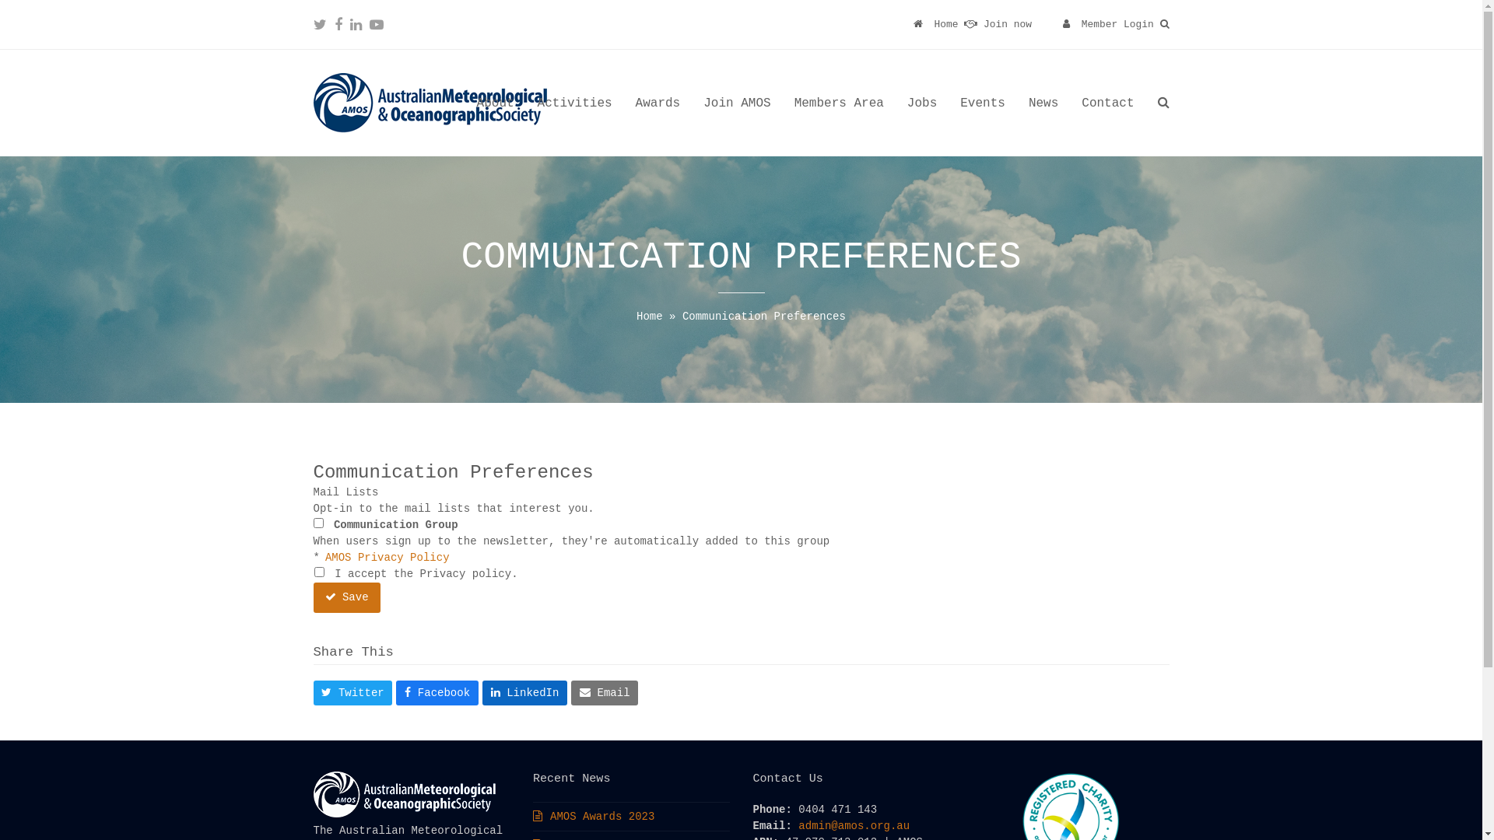  What do you see at coordinates (650, 316) in the screenshot?
I see `'Home'` at bounding box center [650, 316].